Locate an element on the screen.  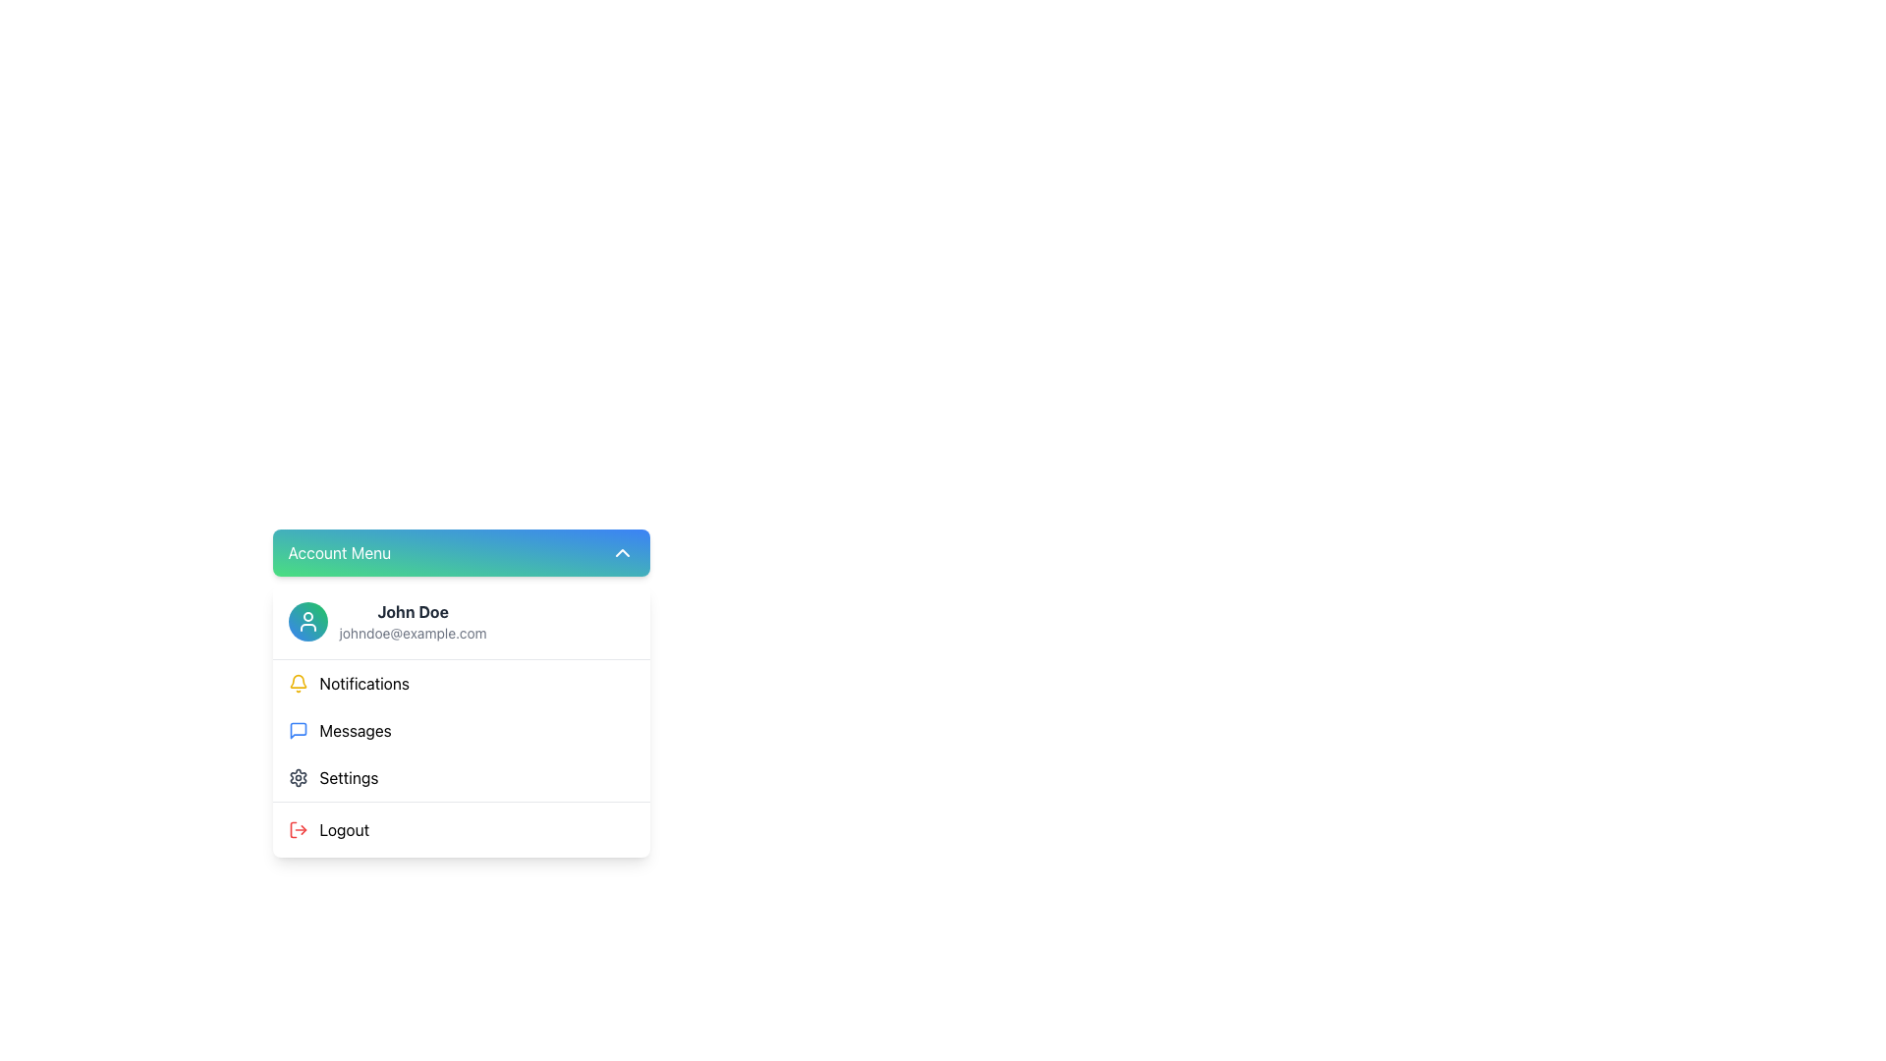
the static text label displaying the email address 'johndoe@example.com' which is styled with the 'text-sm text-gray-500' class and is located below the name 'John Doe' in the user profile menu is located at coordinates (412, 633).